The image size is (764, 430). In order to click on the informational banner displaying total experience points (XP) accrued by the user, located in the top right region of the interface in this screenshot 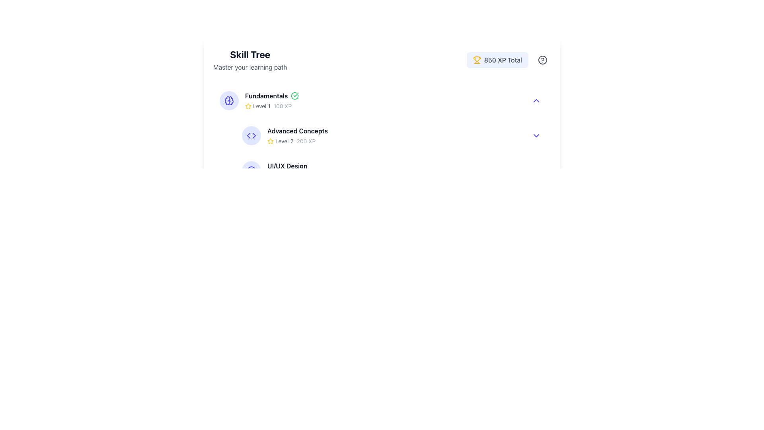, I will do `click(497, 59)`.